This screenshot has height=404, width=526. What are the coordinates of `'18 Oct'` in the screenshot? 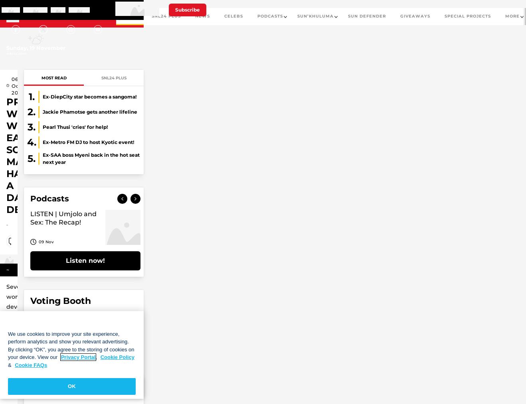 It's located at (479, 241).